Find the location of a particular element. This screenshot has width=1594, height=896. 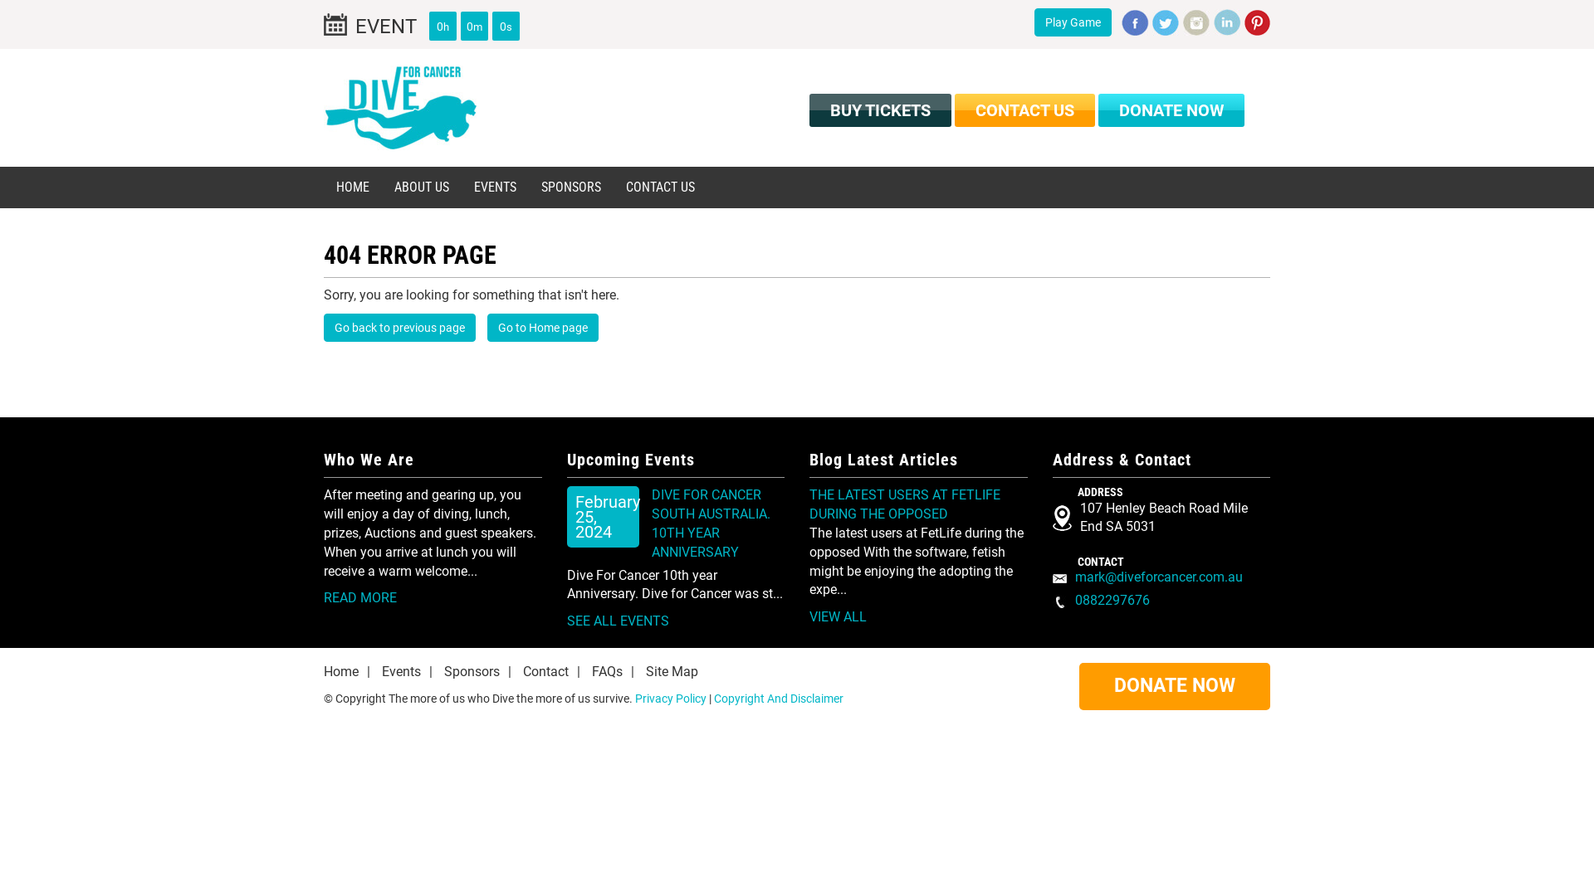

'VIEW ALL' is located at coordinates (809, 616).